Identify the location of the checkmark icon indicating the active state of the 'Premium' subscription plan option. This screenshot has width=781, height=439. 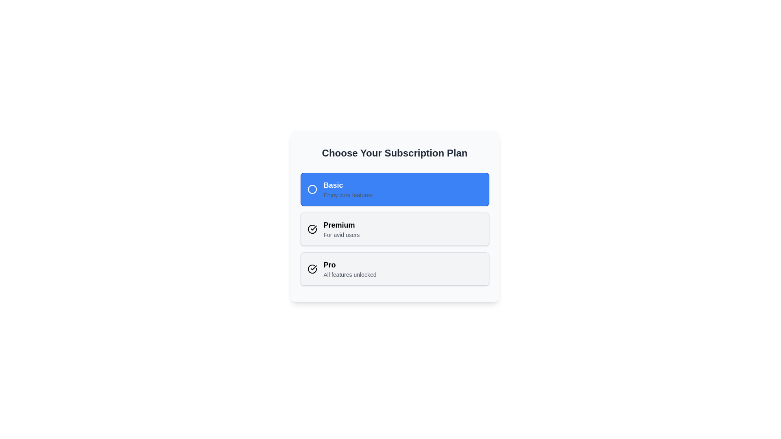
(313, 268).